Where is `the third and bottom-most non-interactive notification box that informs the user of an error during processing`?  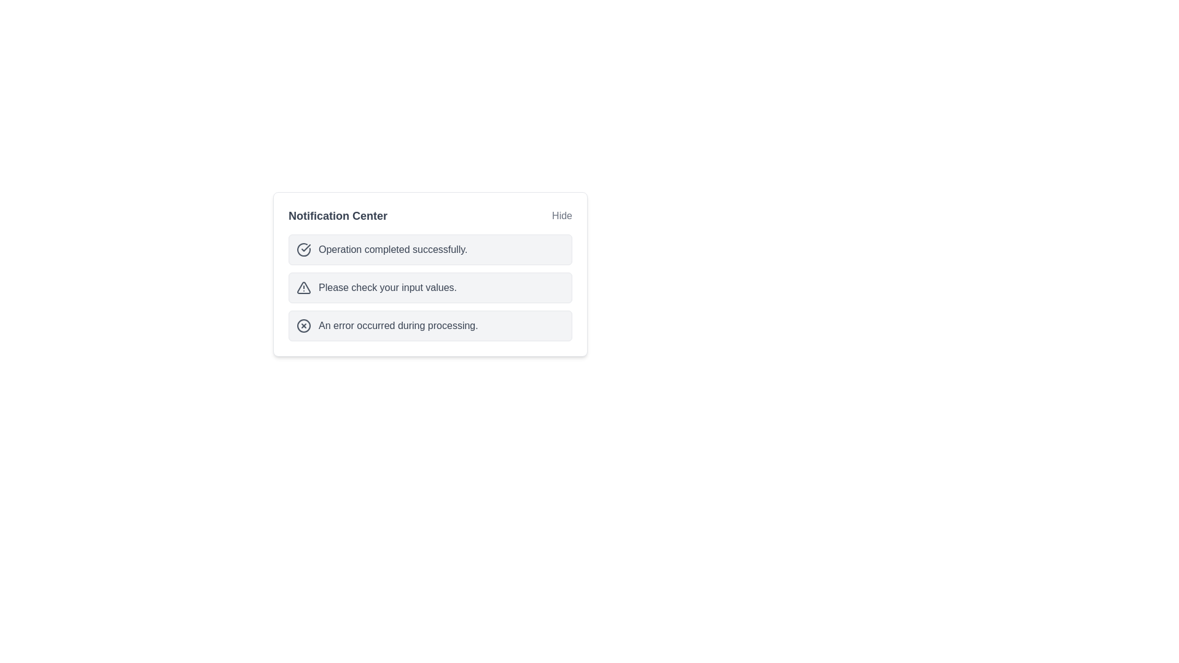
the third and bottom-most non-interactive notification box that informs the user of an error during processing is located at coordinates (430, 325).